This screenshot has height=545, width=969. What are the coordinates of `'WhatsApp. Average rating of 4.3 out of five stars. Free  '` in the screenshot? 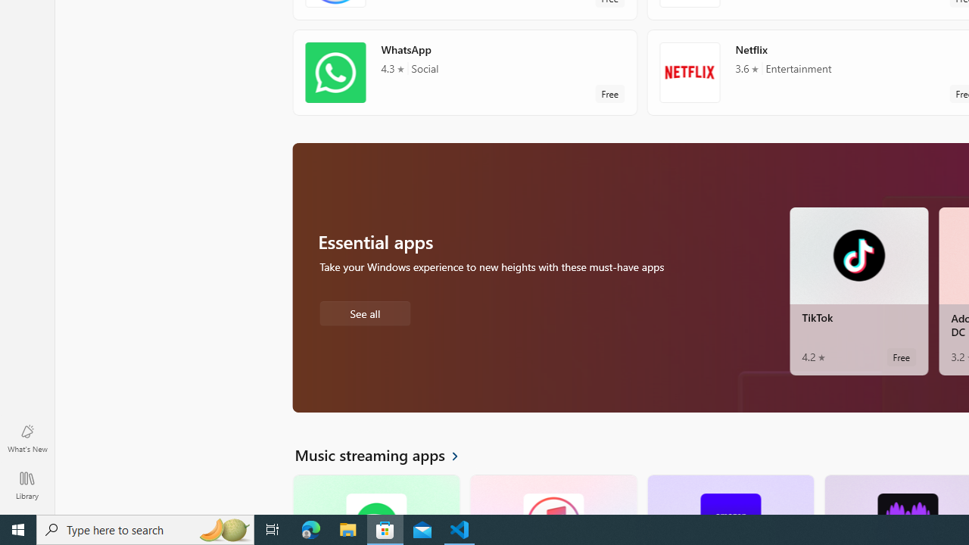 It's located at (464, 72).